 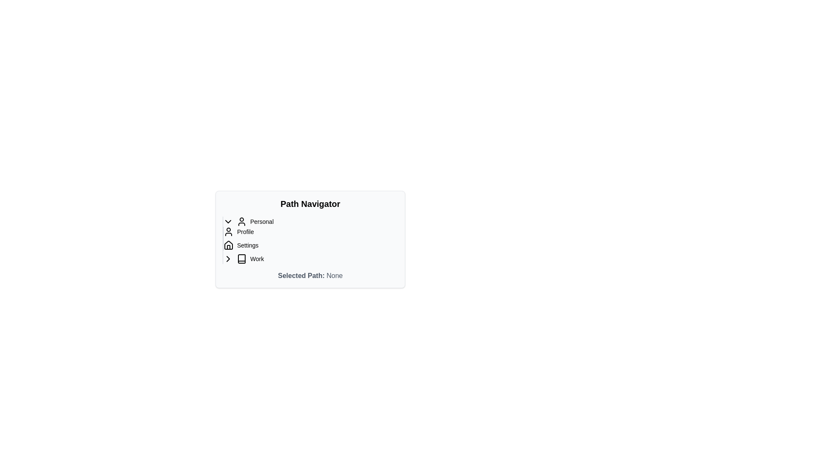 I want to click on the icon located on the right-hand side of the 'Work' label in the vertical navigation menu, so click(x=228, y=259).